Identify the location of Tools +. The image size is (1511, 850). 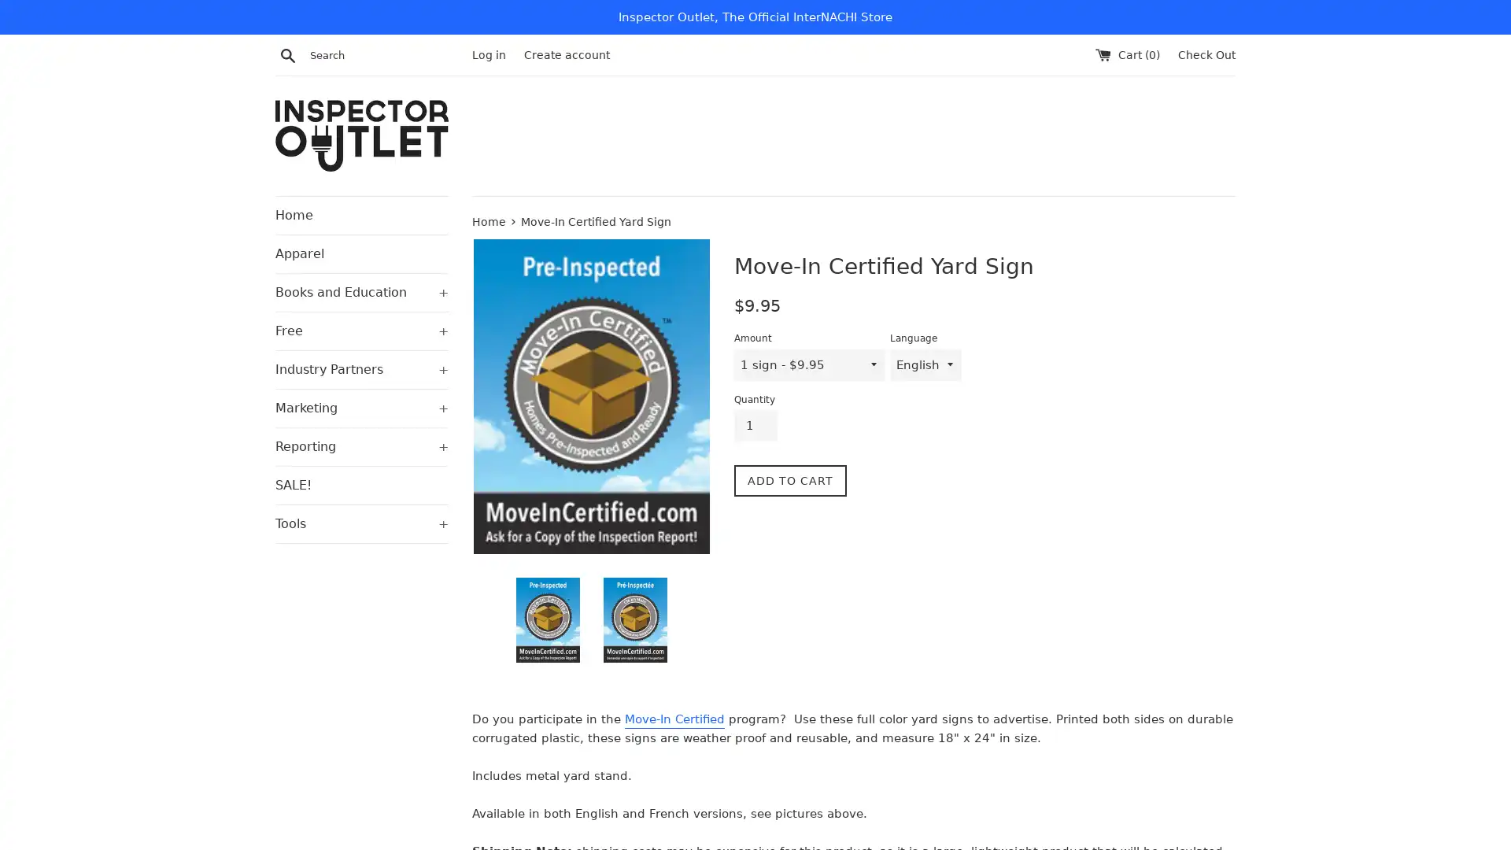
(361, 523).